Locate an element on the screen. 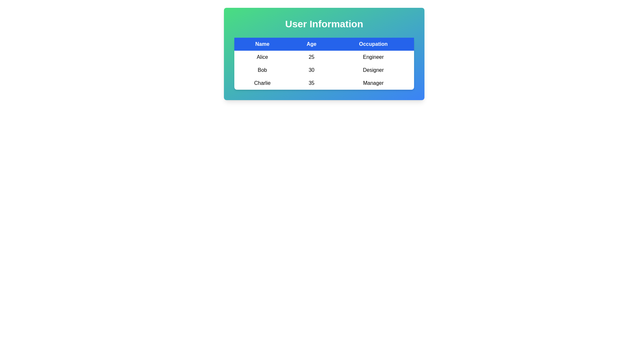 This screenshot has height=351, width=624. text from the Text Label that represents the occupation of the user 'Charlie' in the data table under the 'User Information' header is located at coordinates (373, 83).